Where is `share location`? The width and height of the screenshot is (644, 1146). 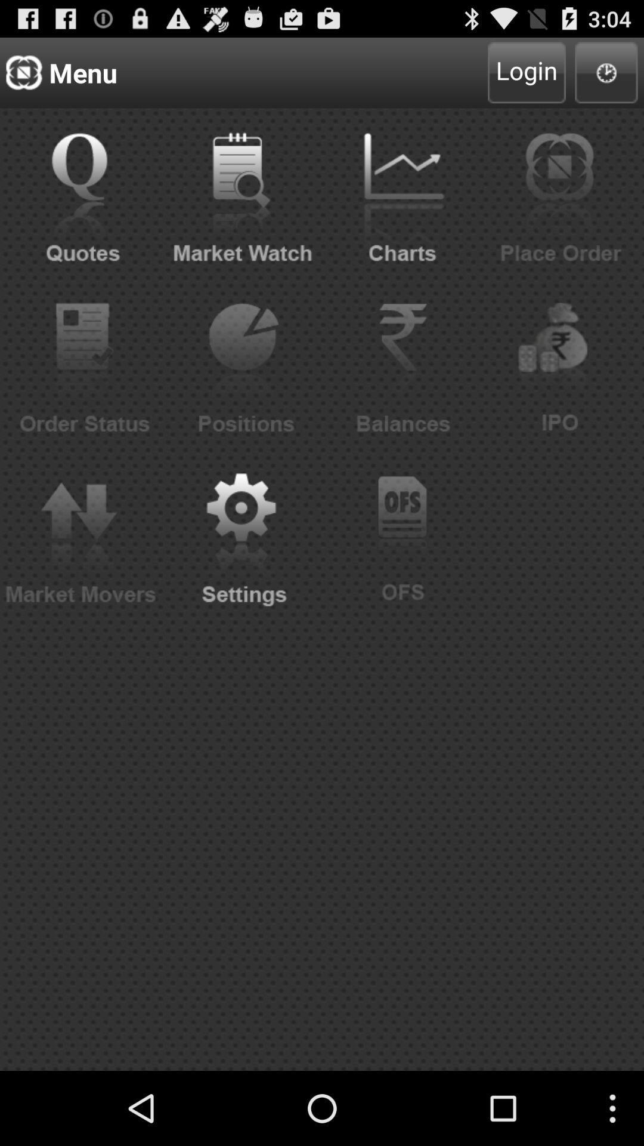
share location is located at coordinates (606, 72).